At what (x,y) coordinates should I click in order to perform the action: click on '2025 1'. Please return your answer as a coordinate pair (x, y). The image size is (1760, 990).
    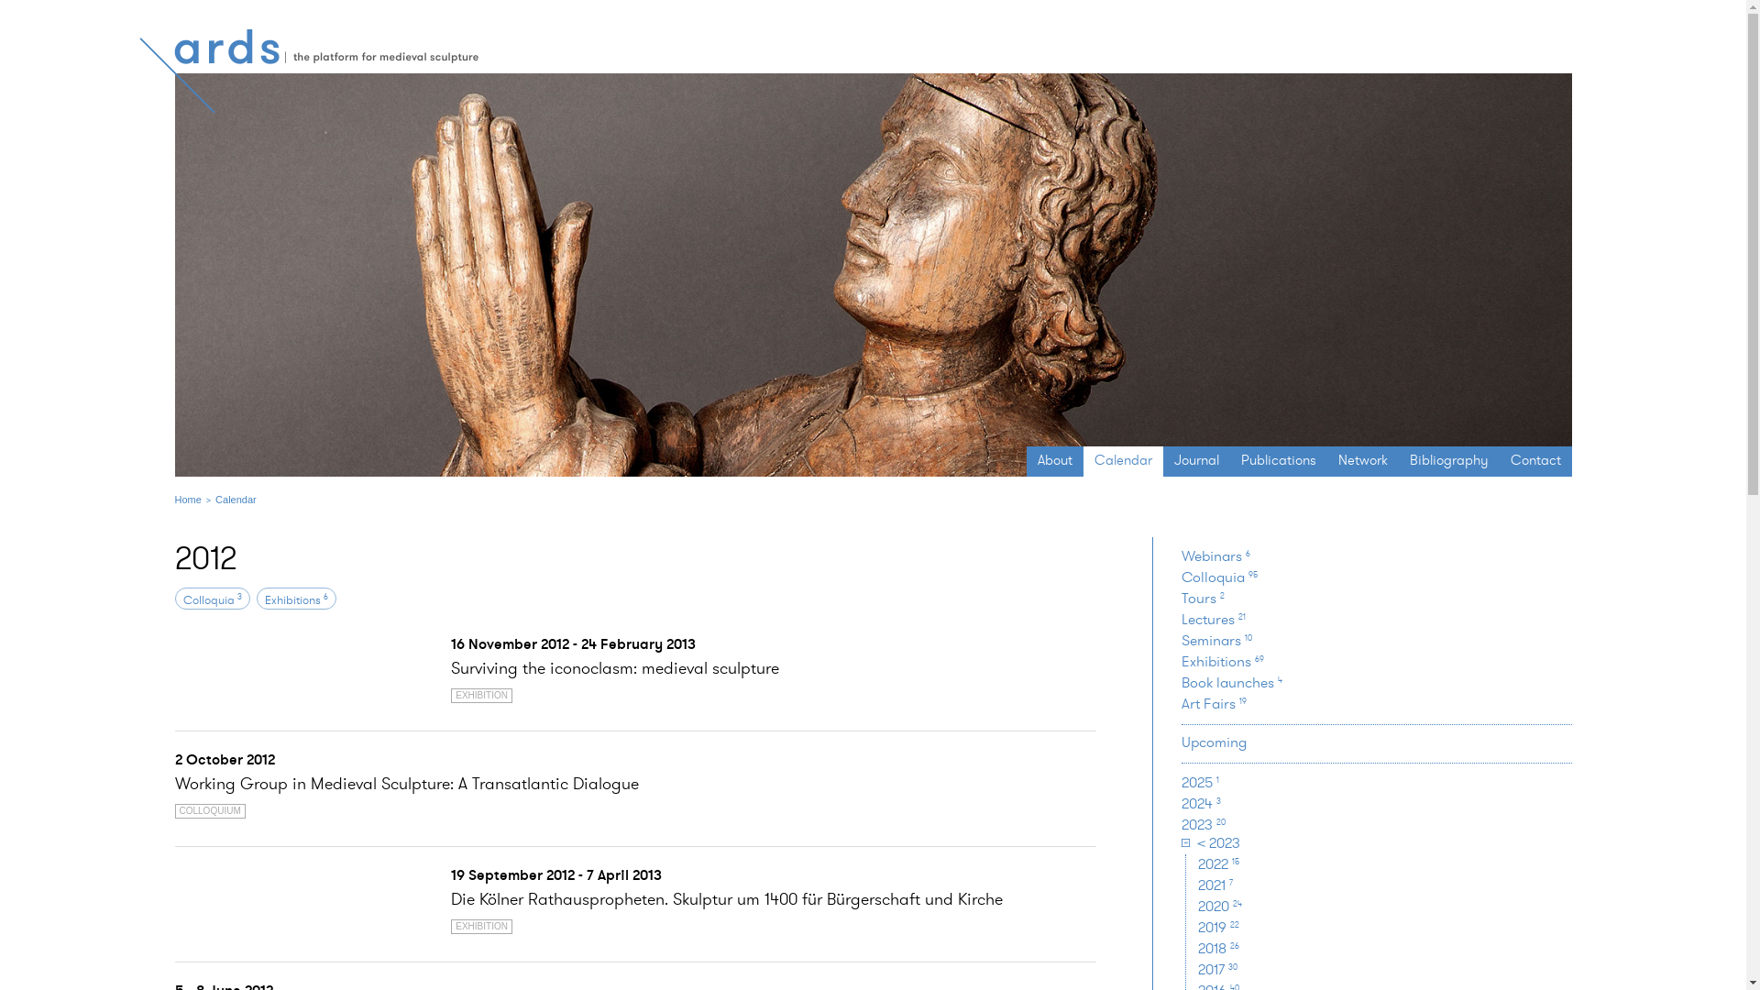
    Looking at the image, I should click on (1200, 782).